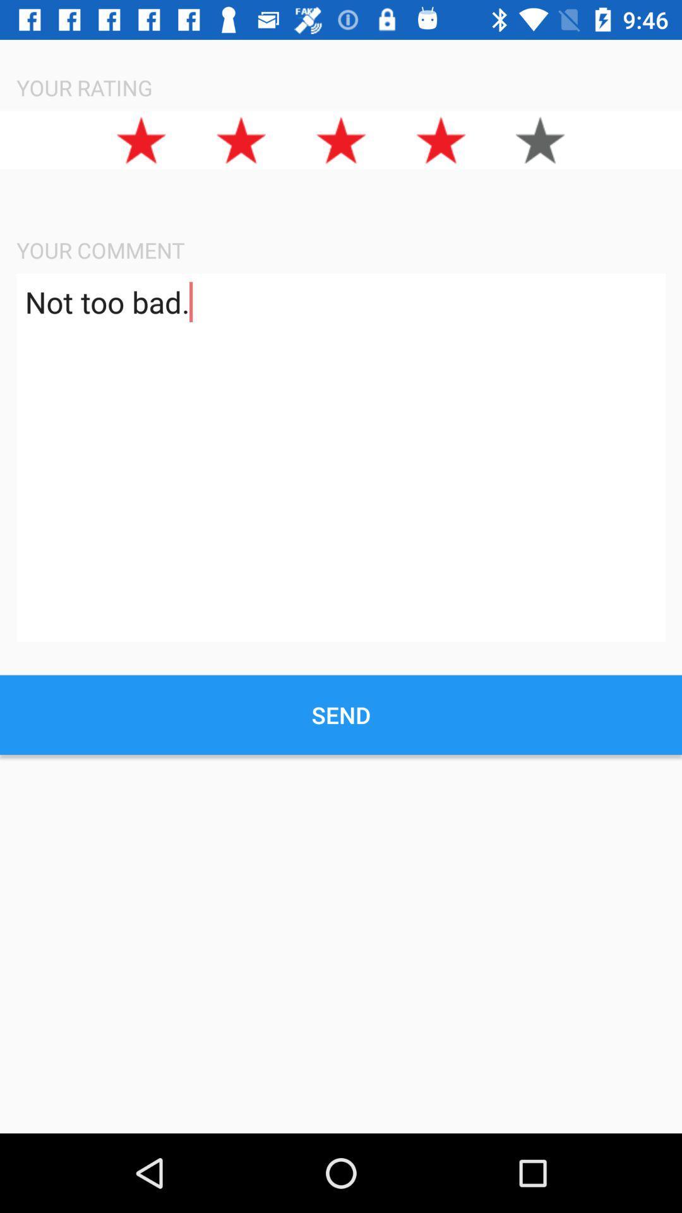 Image resolution: width=682 pixels, height=1213 pixels. I want to click on the star icon, so click(241, 140).